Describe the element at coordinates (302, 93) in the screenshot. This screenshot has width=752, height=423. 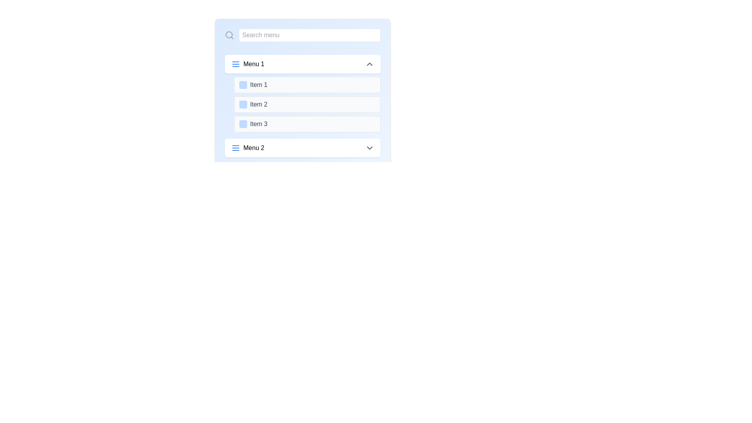
I see `the 'Menu 1' collapsible menu section` at that location.